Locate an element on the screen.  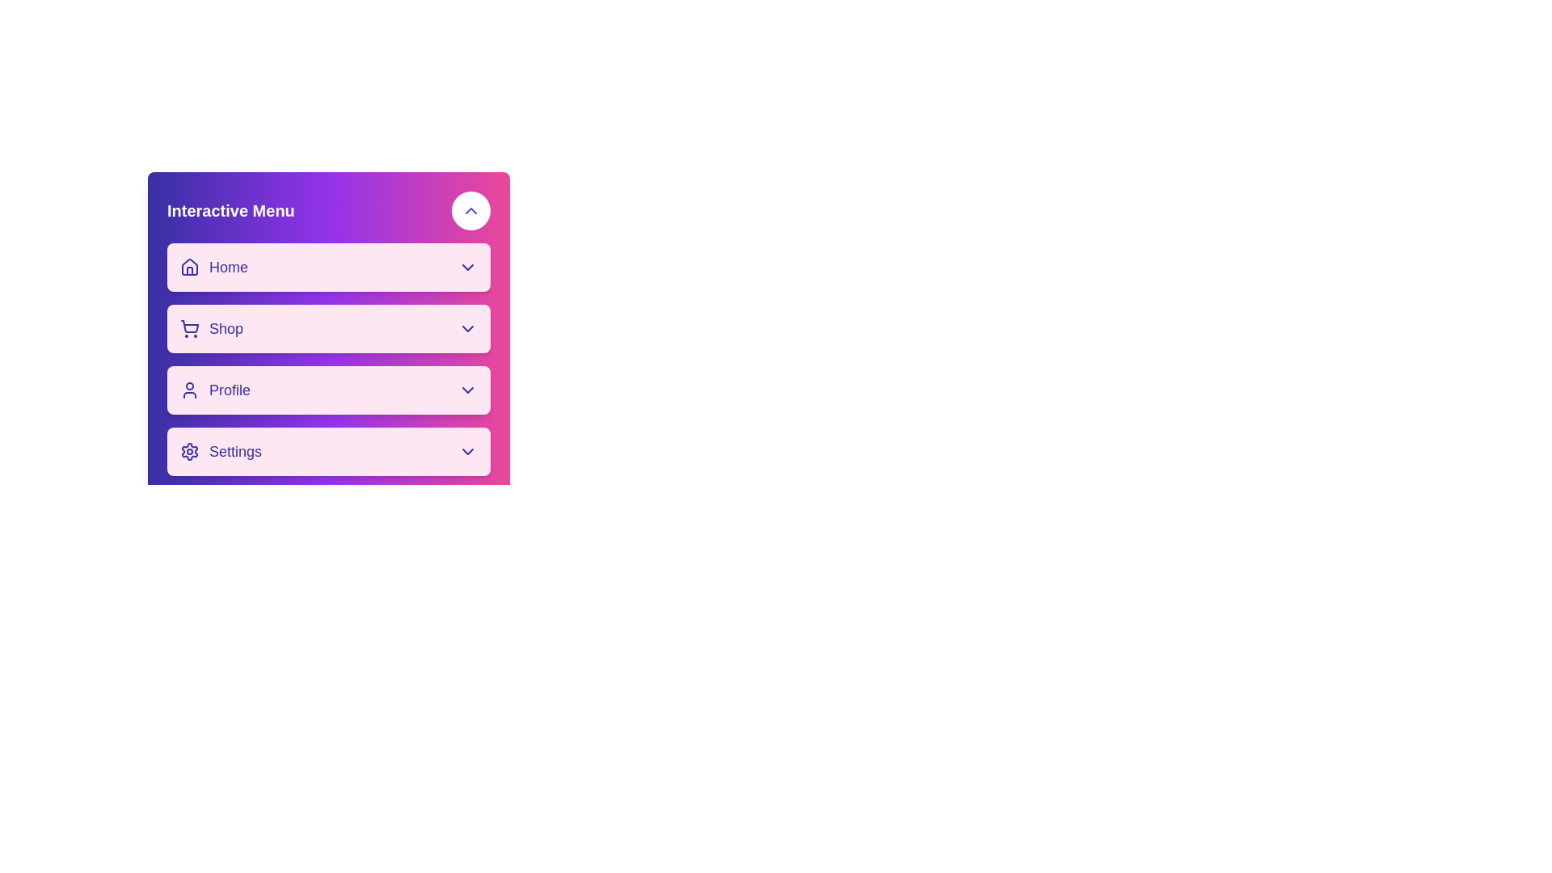
the chevron-down toggle indicator icon located at the rightmost position within the 'Profile' entry in the vertical navigation list is located at coordinates (467, 390).